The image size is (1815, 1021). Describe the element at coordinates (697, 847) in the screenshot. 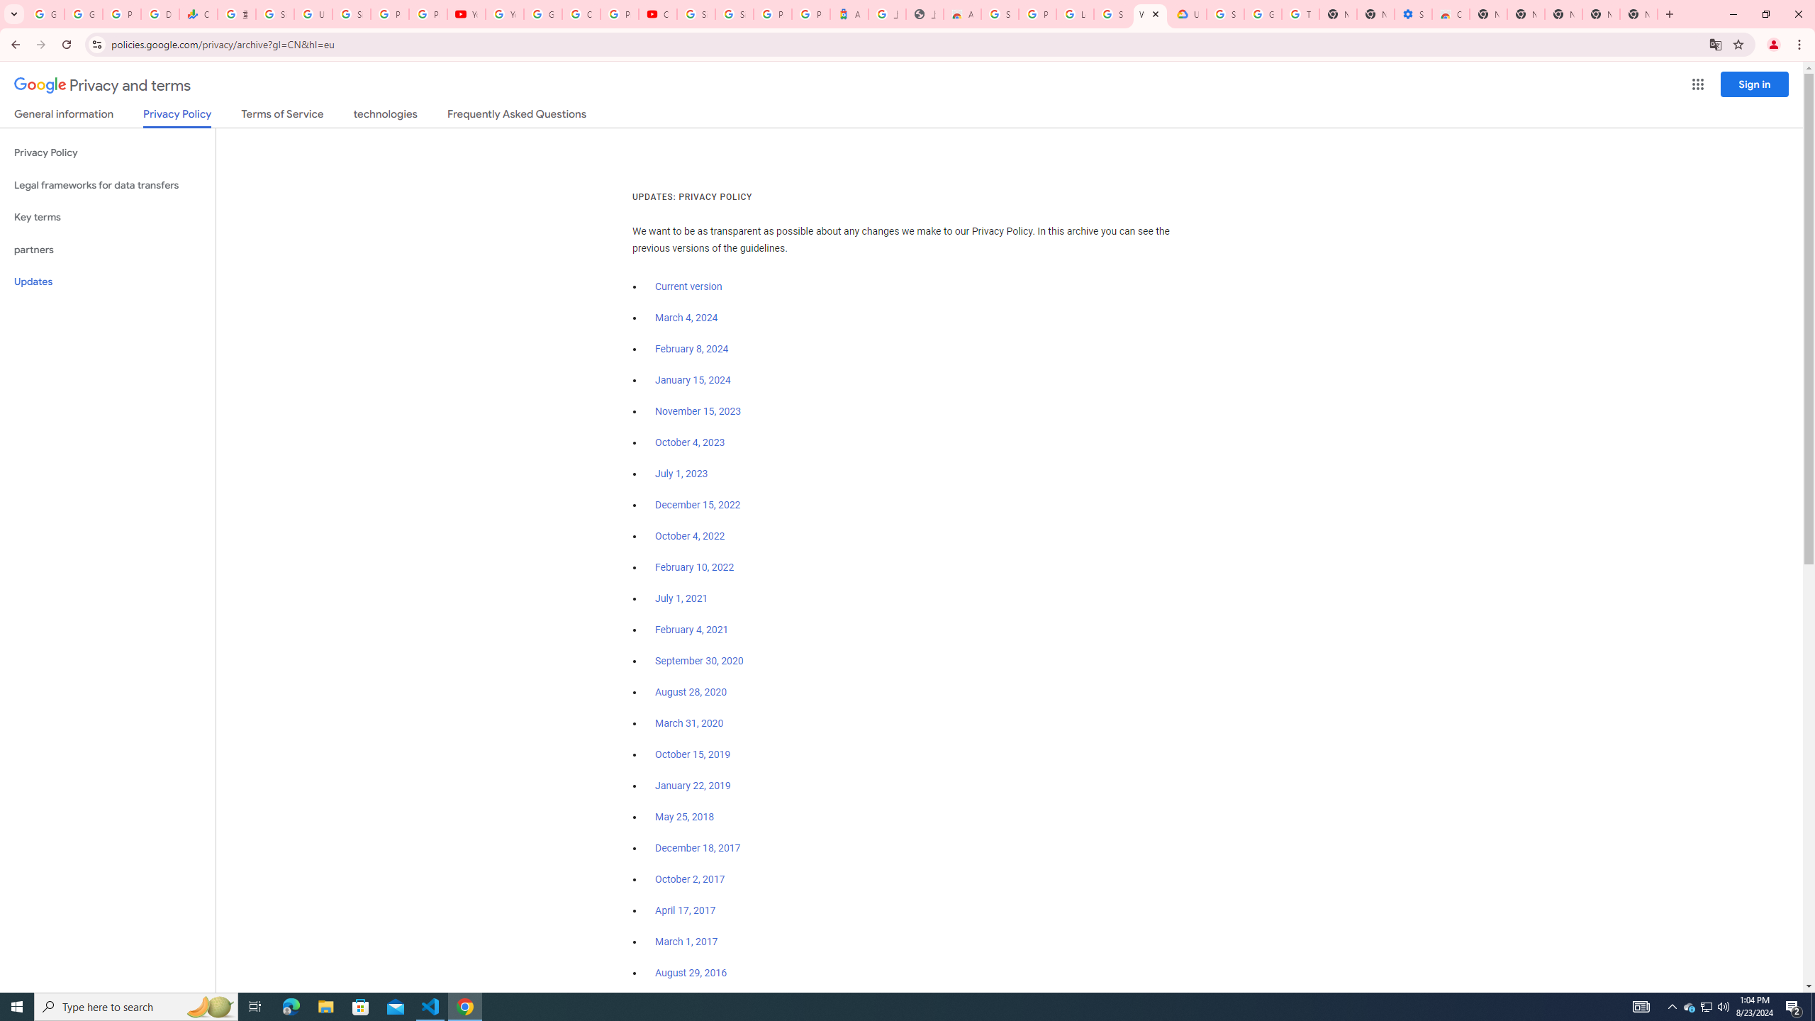

I see `'December 18, 2017'` at that location.